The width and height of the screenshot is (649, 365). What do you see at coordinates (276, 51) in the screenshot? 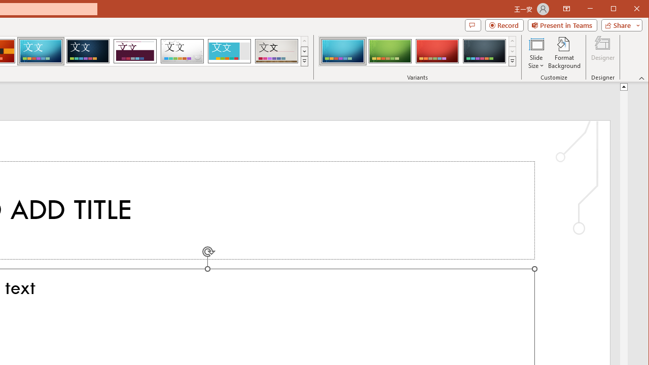
I see `'Gallery'` at bounding box center [276, 51].